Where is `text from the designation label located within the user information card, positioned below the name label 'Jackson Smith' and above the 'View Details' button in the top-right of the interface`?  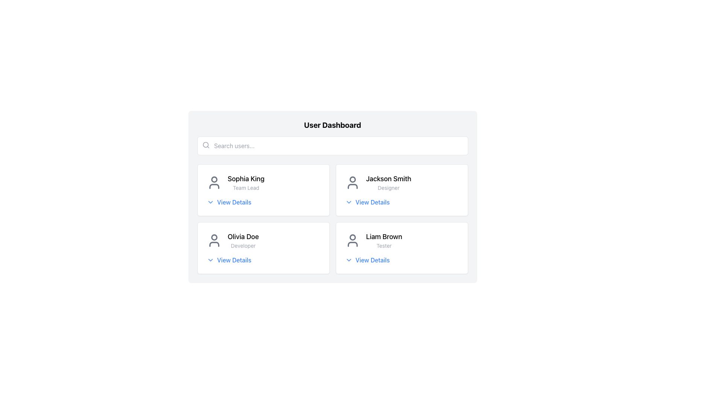 text from the designation label located within the user information card, positioned below the name label 'Jackson Smith' and above the 'View Details' button in the top-right of the interface is located at coordinates (388, 188).